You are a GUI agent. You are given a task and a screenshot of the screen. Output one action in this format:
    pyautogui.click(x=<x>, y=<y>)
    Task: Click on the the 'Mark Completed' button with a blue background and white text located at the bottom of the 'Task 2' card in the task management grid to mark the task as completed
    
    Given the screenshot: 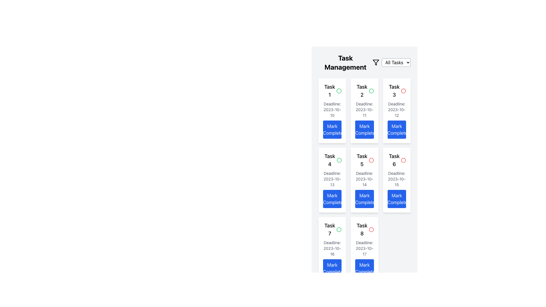 What is the action you would take?
    pyautogui.click(x=364, y=129)
    